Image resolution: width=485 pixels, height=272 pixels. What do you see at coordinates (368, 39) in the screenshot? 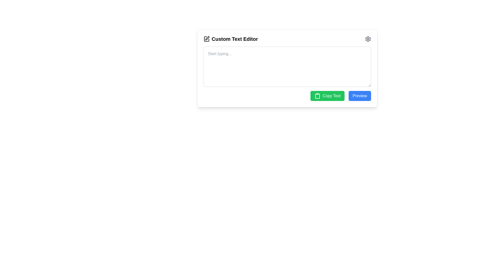
I see `the gear icon on the right end of the row` at bounding box center [368, 39].